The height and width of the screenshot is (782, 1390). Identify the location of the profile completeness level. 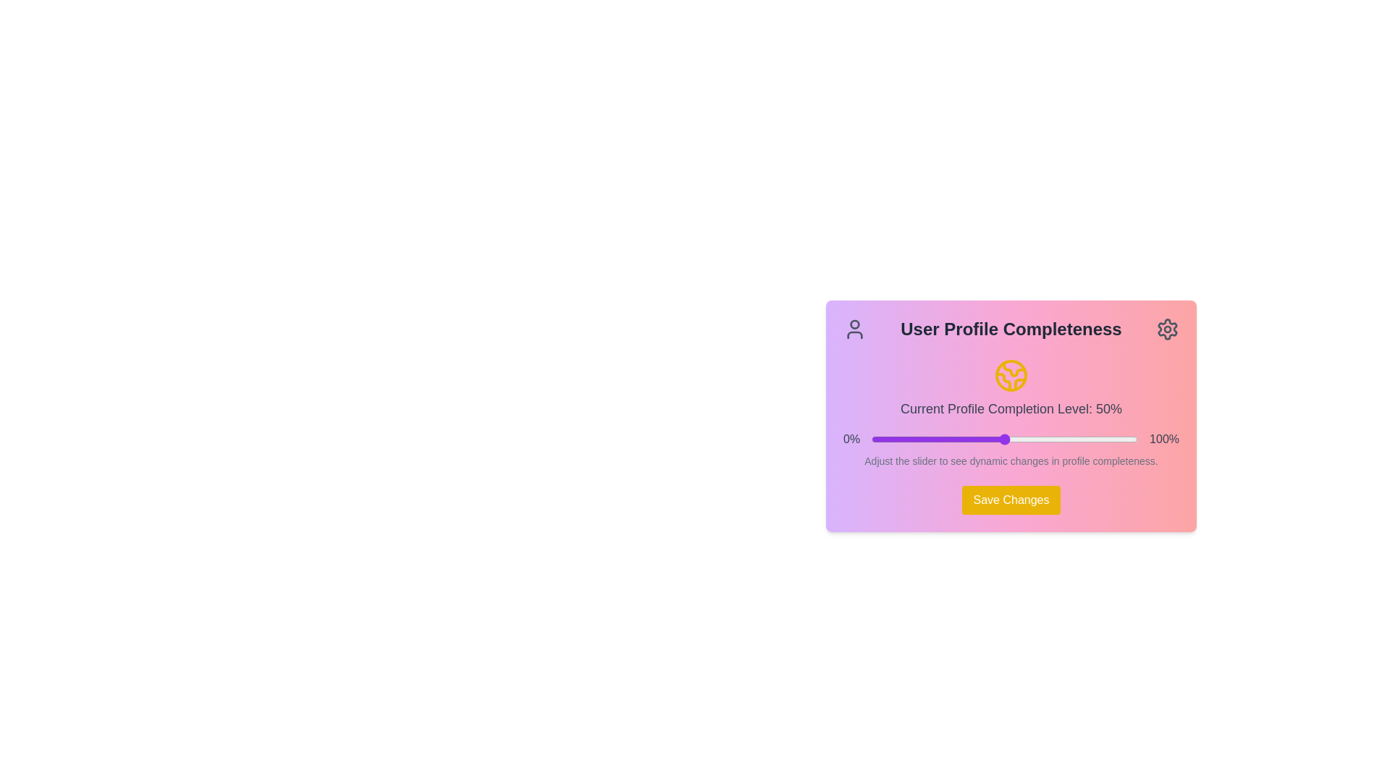
(897, 438).